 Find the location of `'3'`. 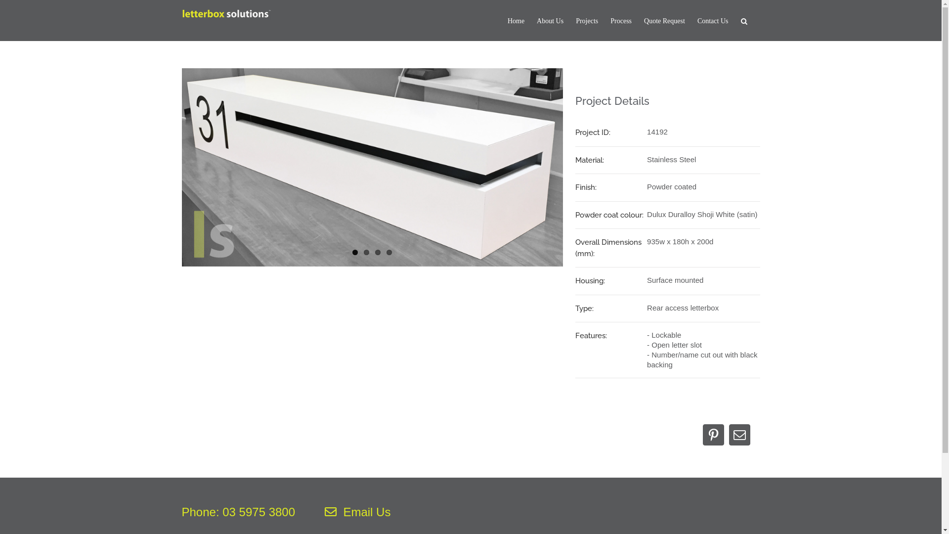

'3' is located at coordinates (377, 252).